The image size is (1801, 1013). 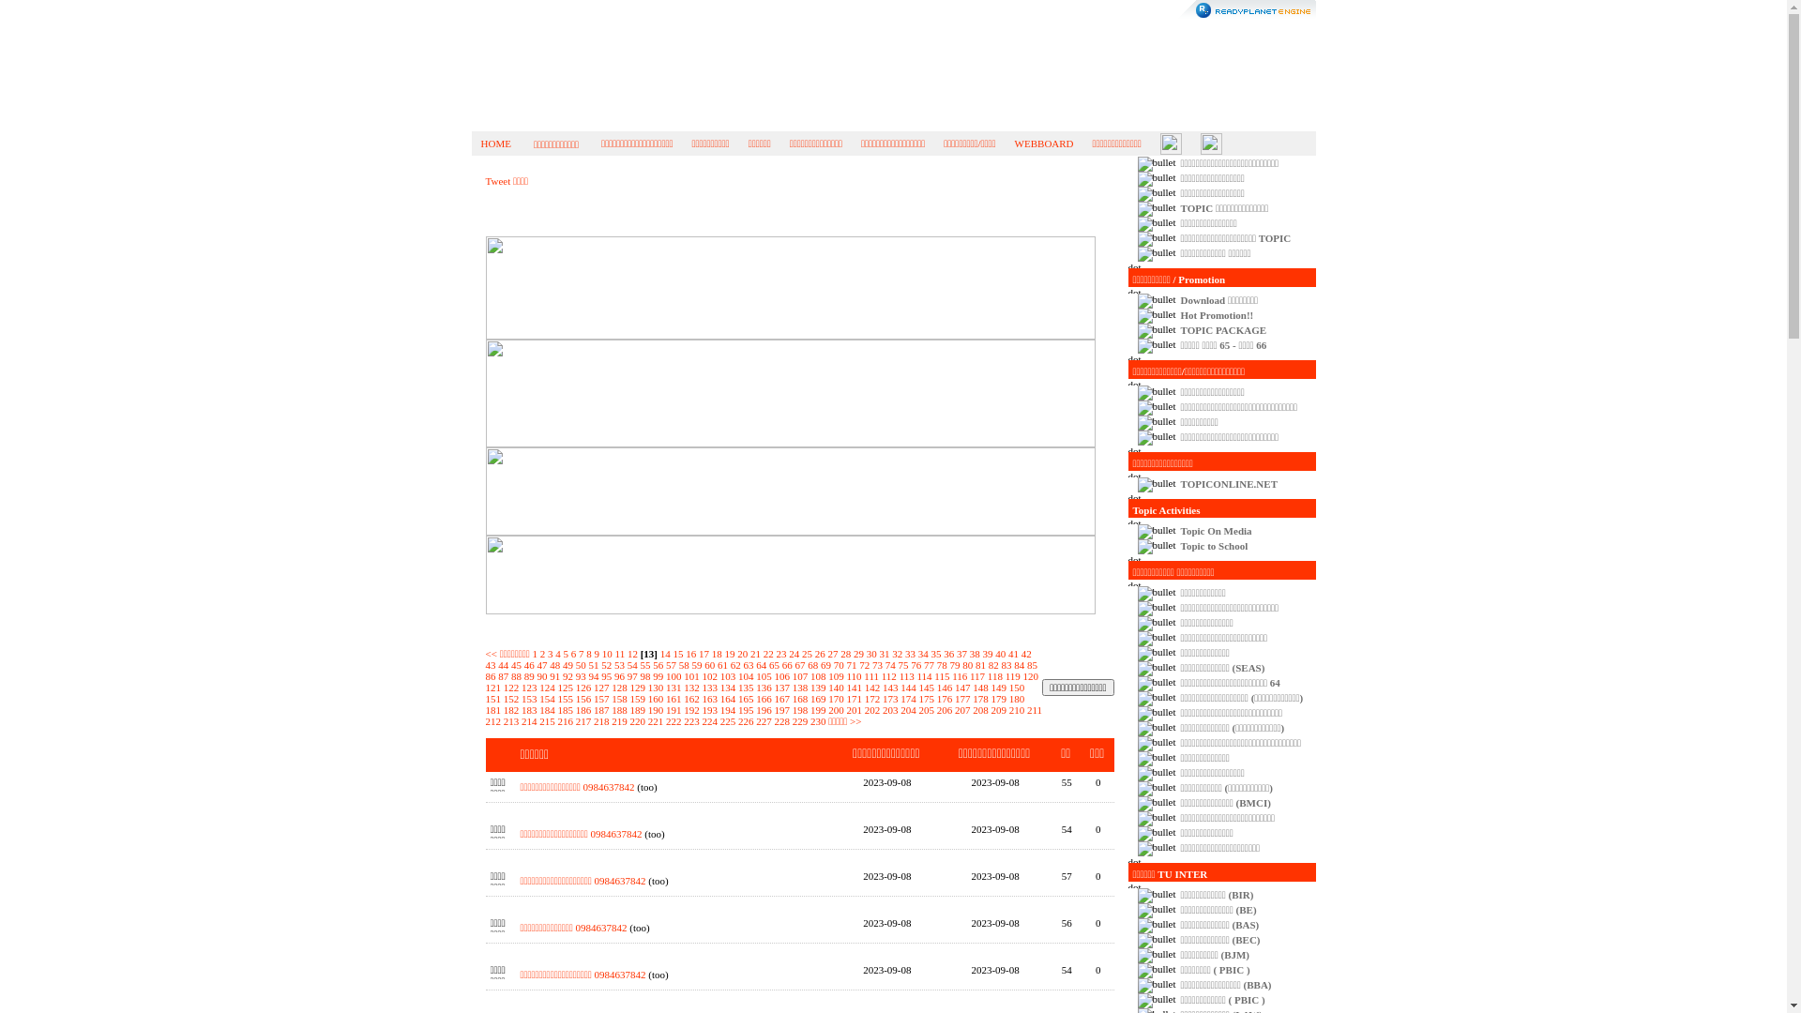 I want to click on '186', so click(x=583, y=709).